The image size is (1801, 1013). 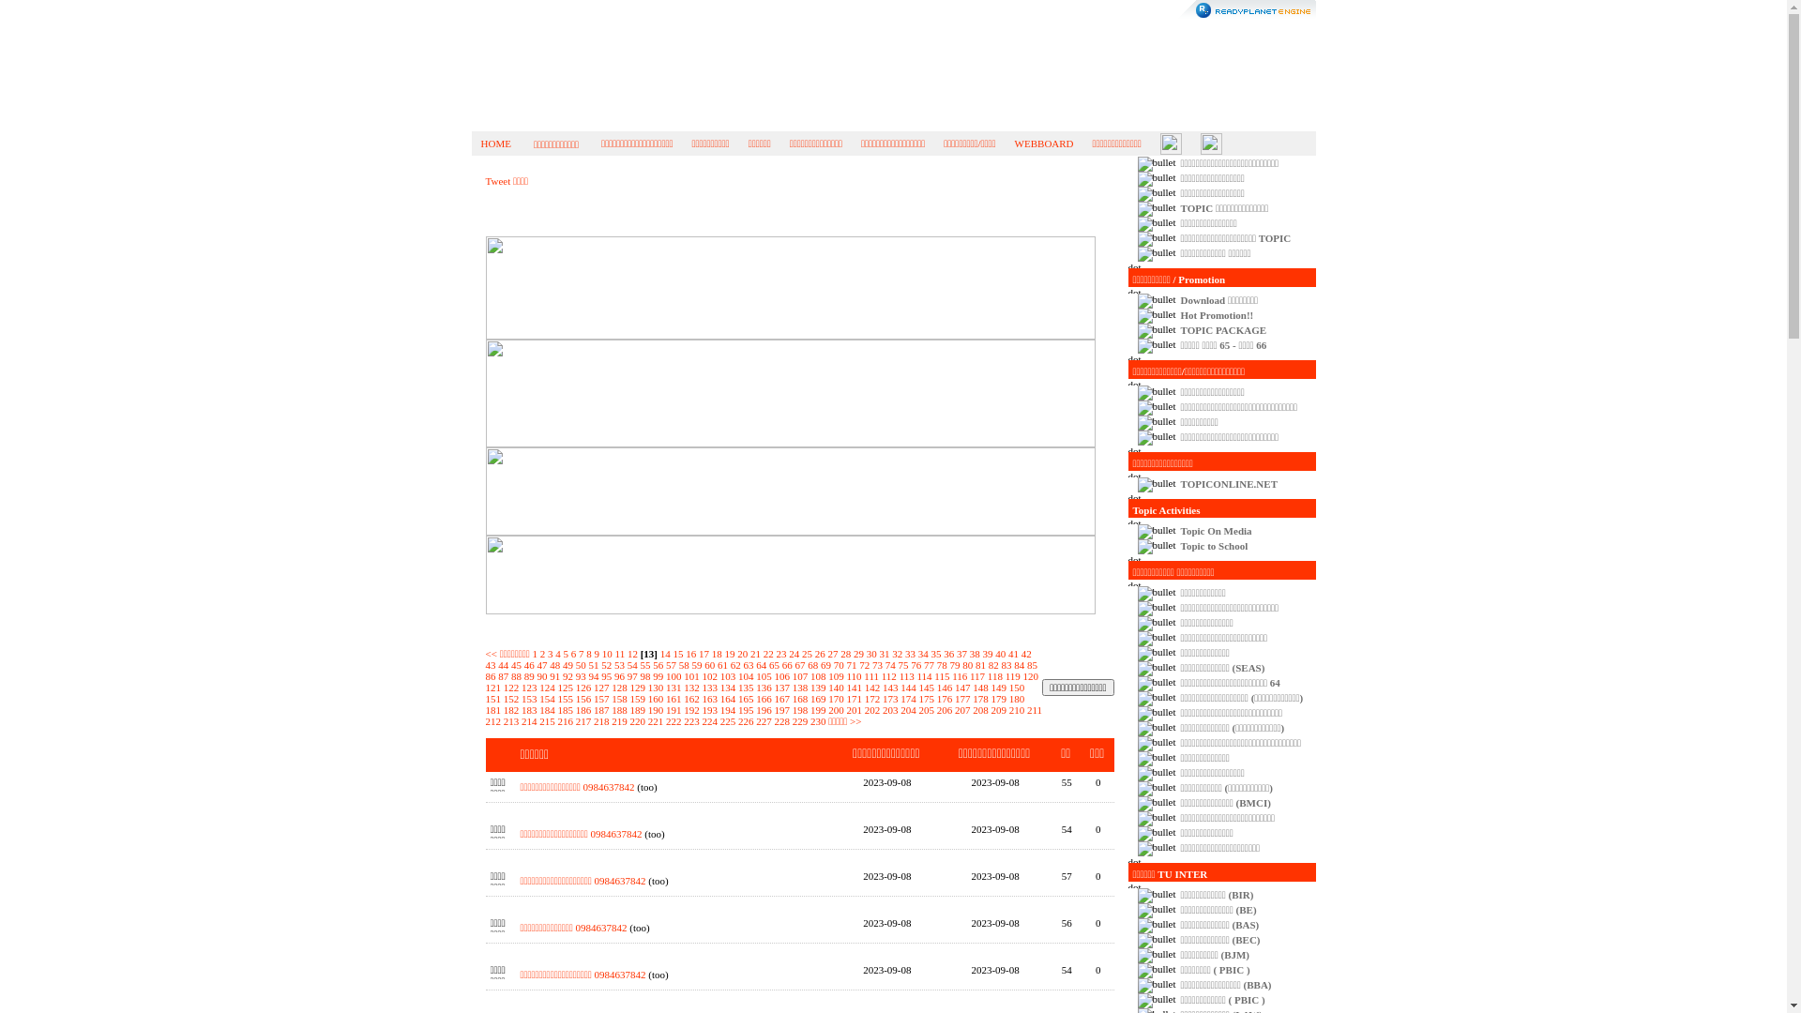 I want to click on '186', so click(x=583, y=709).